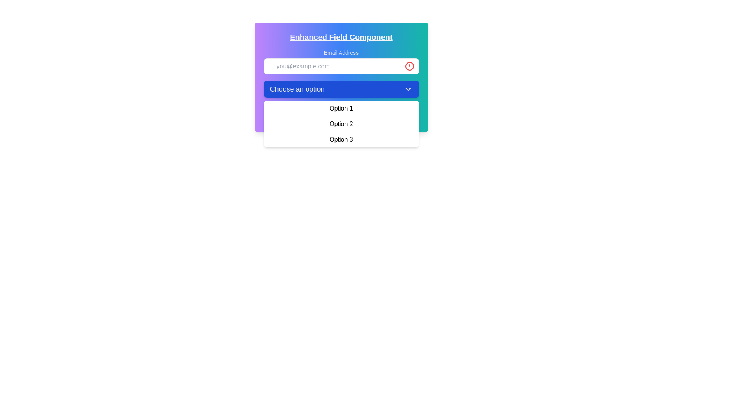  Describe the element at coordinates (341, 89) in the screenshot. I see `the blue rectangular Dropdown trigger button labeled 'Choose an option'` at that location.